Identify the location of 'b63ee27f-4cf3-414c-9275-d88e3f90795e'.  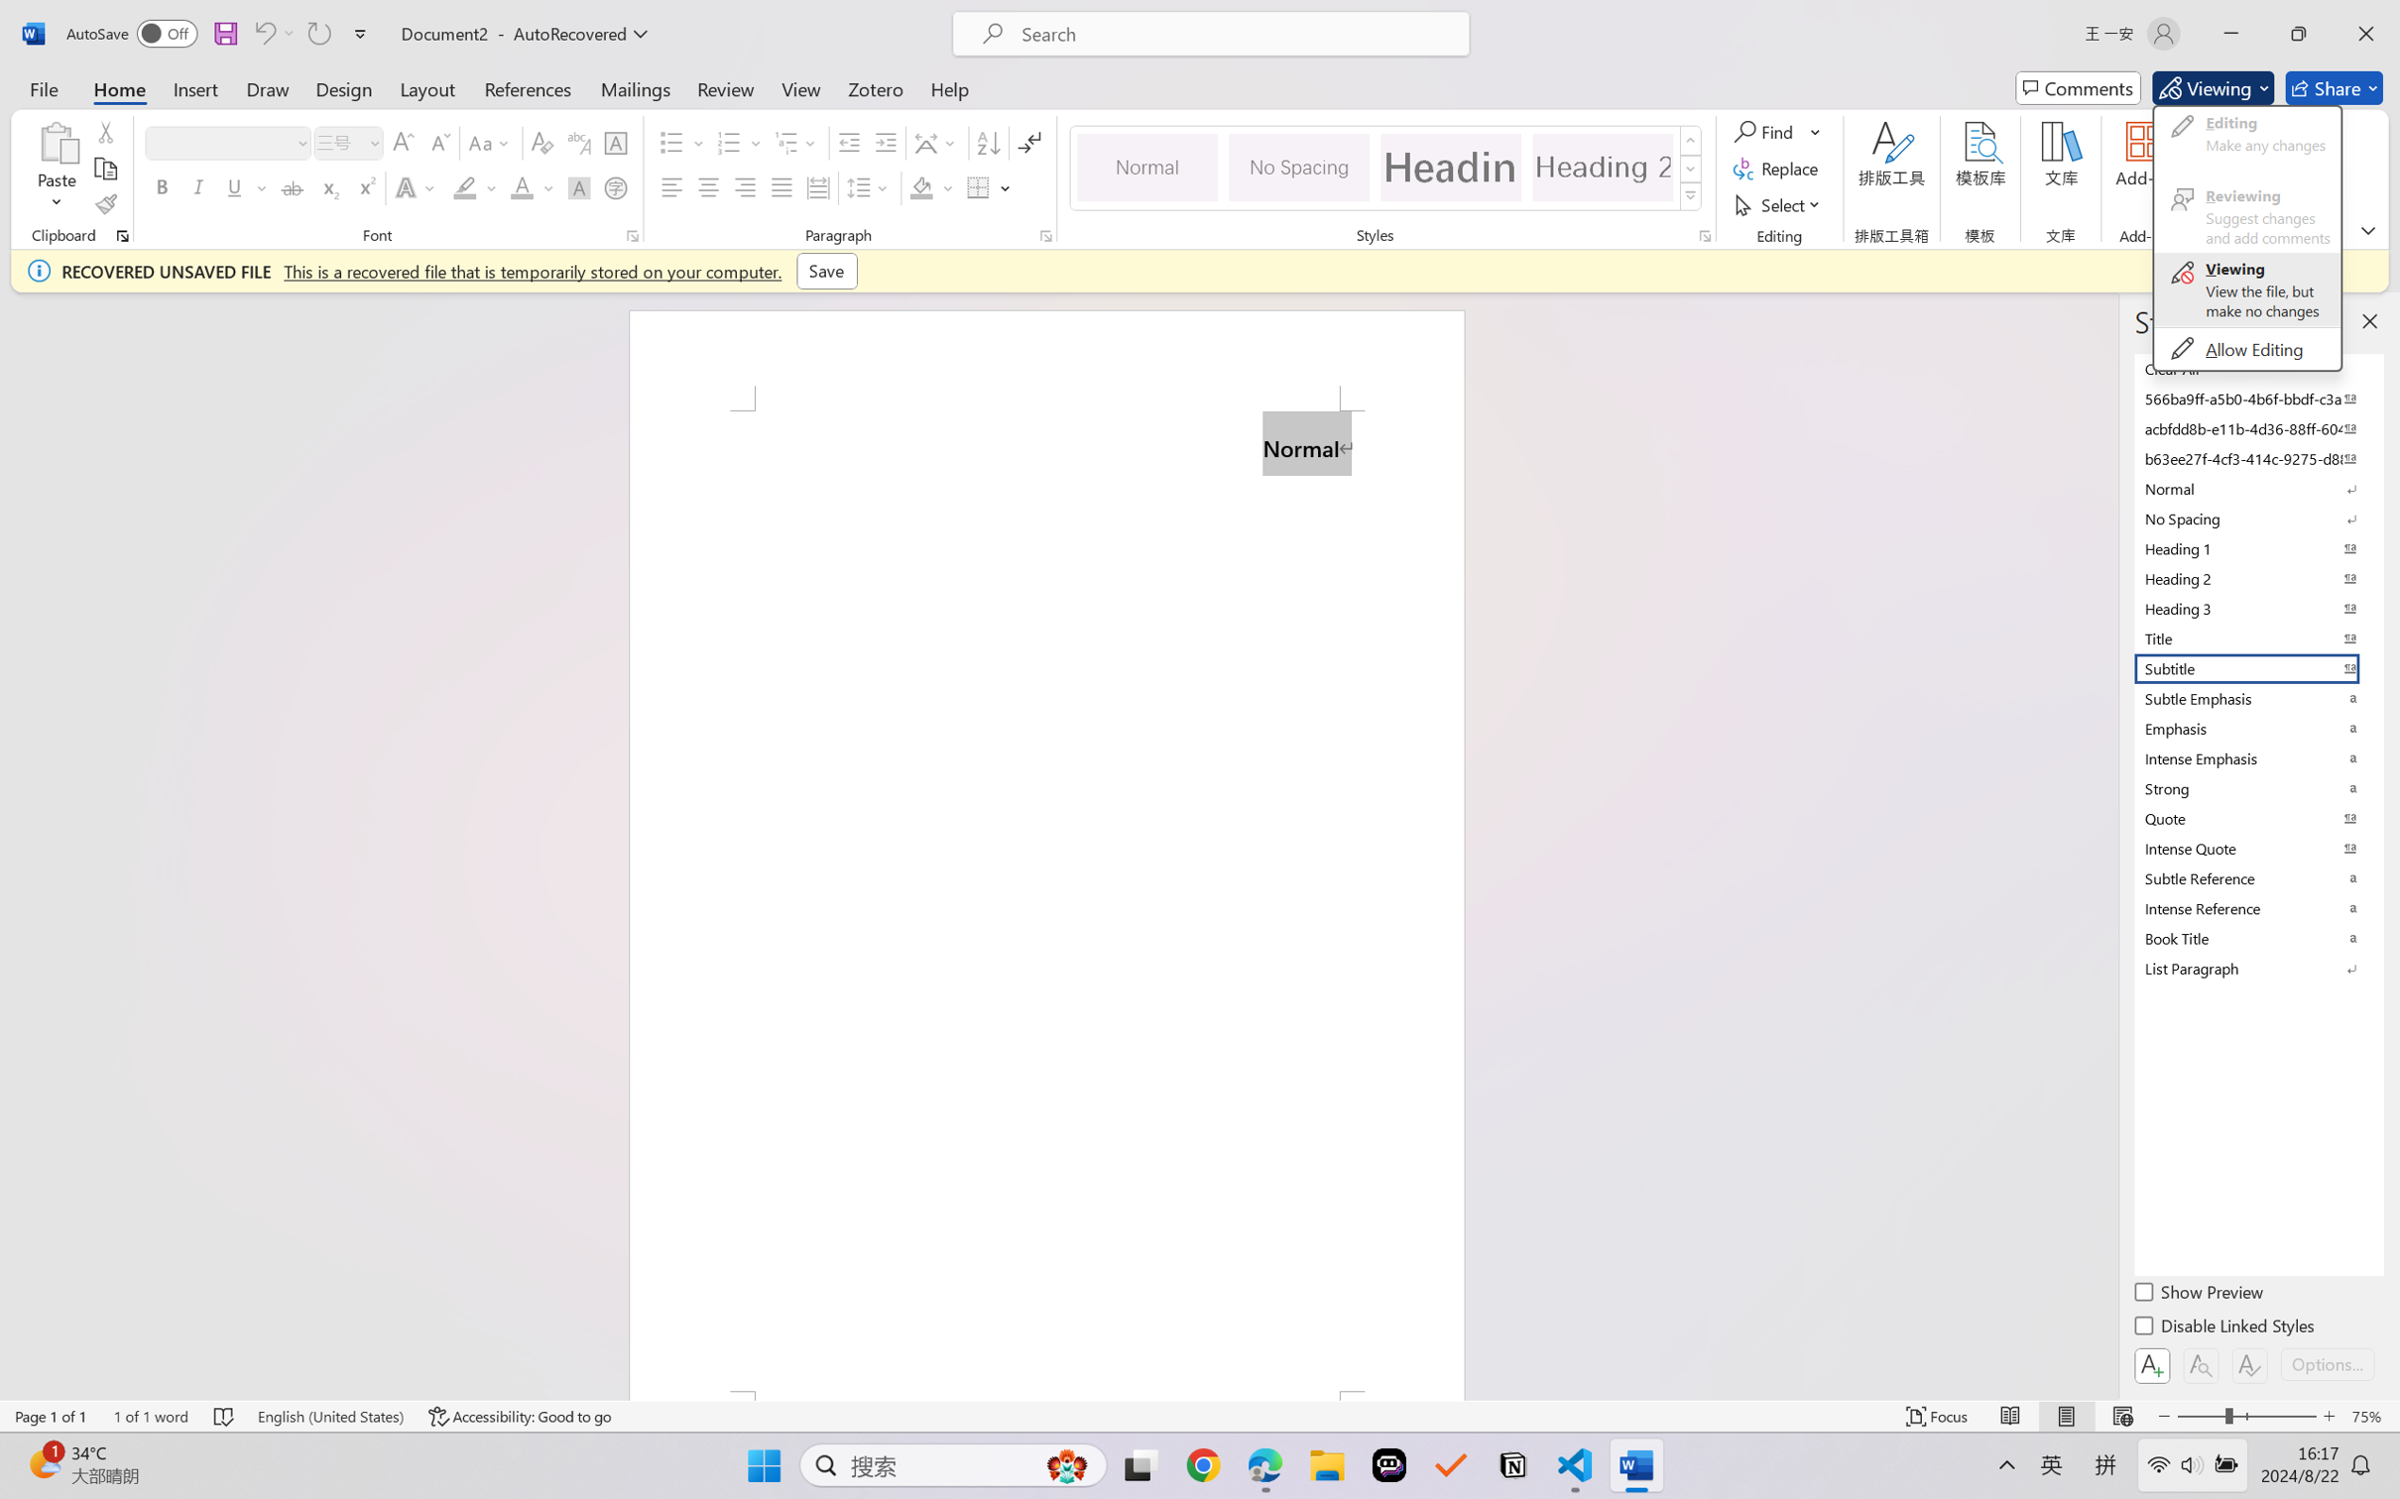
(2256, 457).